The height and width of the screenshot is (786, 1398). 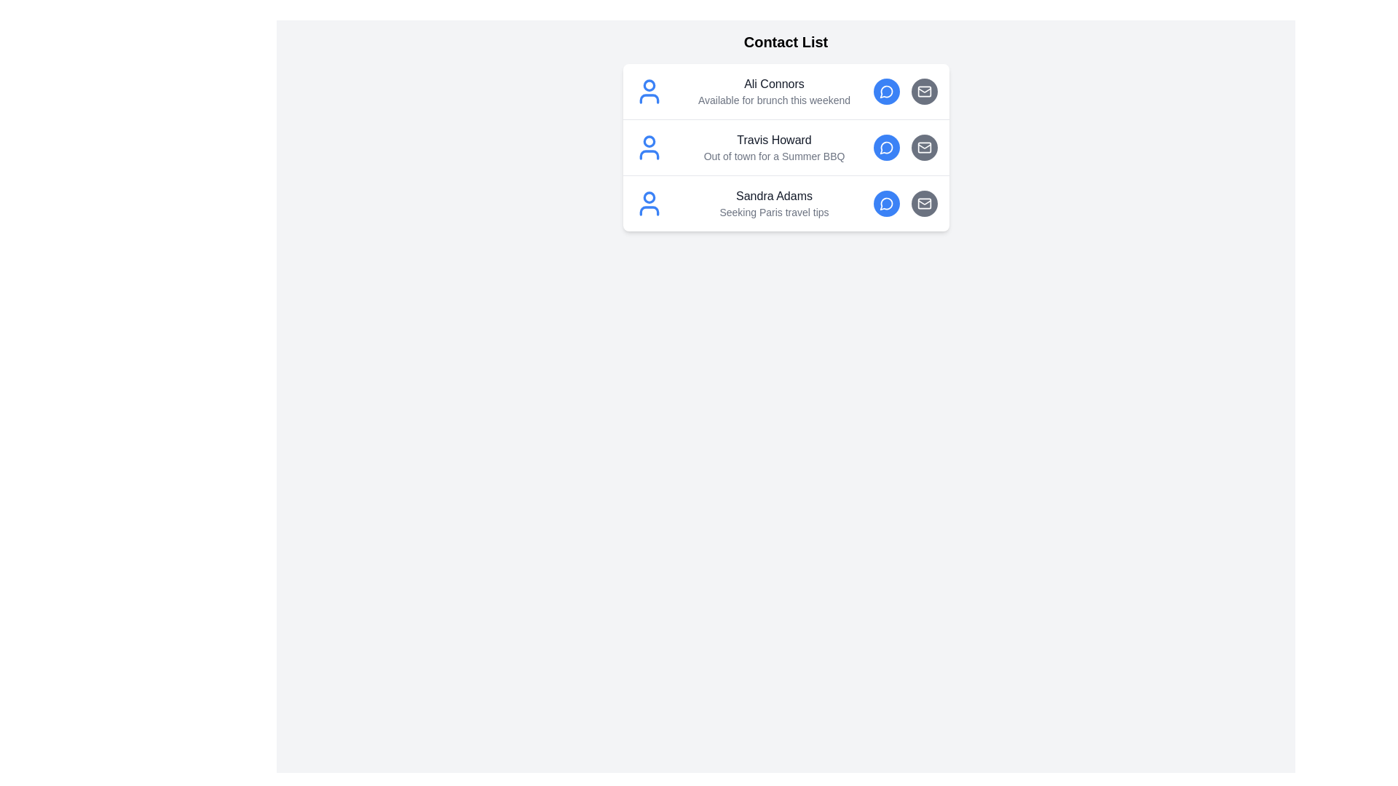 I want to click on the Icon button located in the top-right corner of the first user entry in the list to send an email, so click(x=923, y=92).